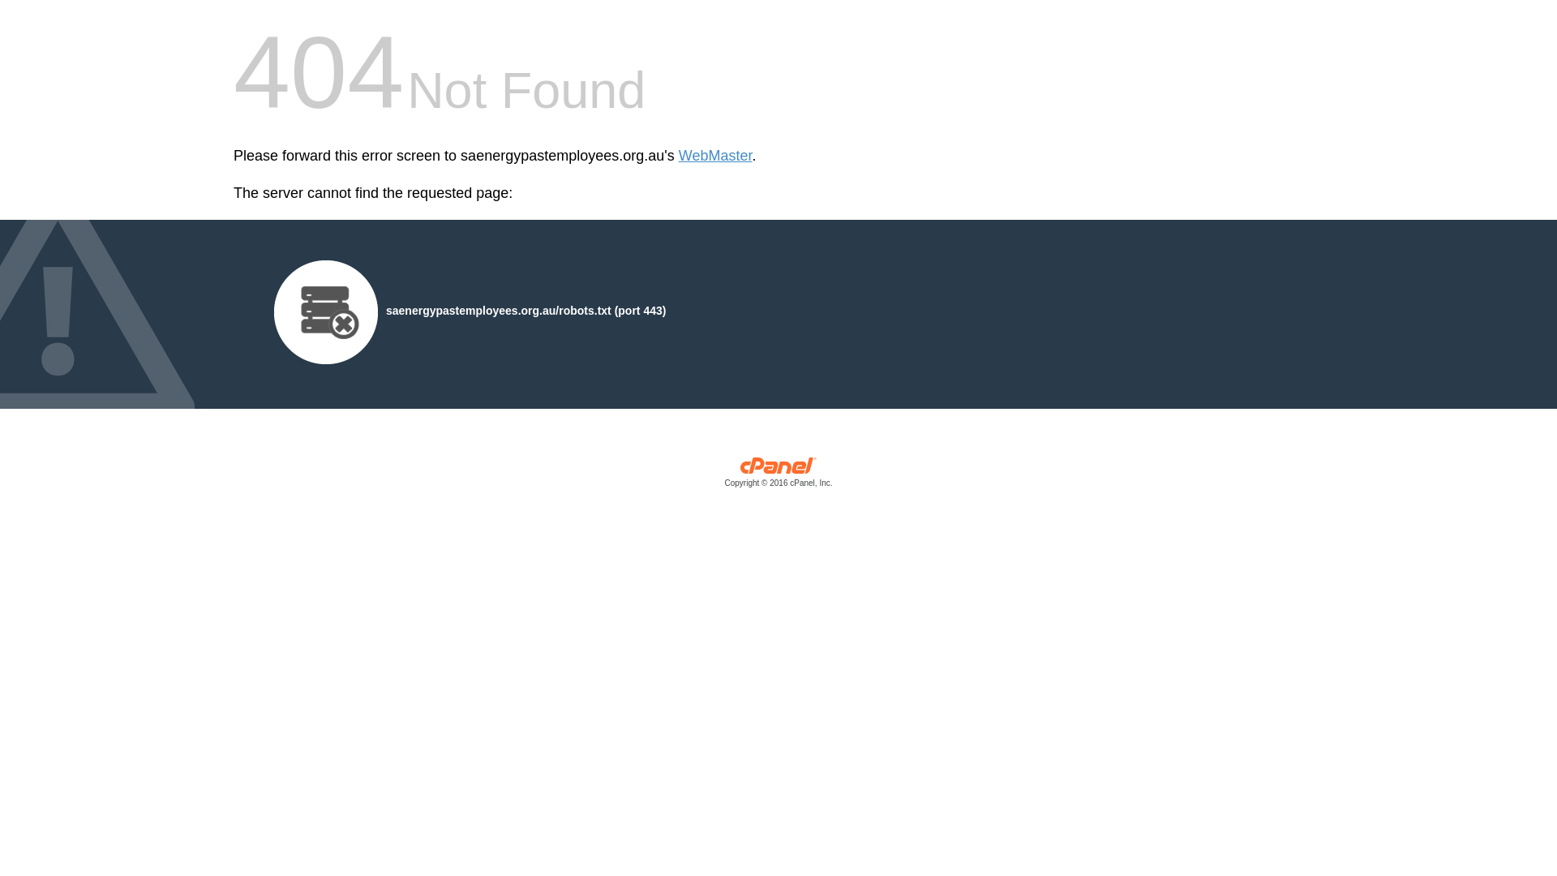 Image resolution: width=1557 pixels, height=876 pixels. Describe the element at coordinates (678, 156) in the screenshot. I see `'WebMaster'` at that location.